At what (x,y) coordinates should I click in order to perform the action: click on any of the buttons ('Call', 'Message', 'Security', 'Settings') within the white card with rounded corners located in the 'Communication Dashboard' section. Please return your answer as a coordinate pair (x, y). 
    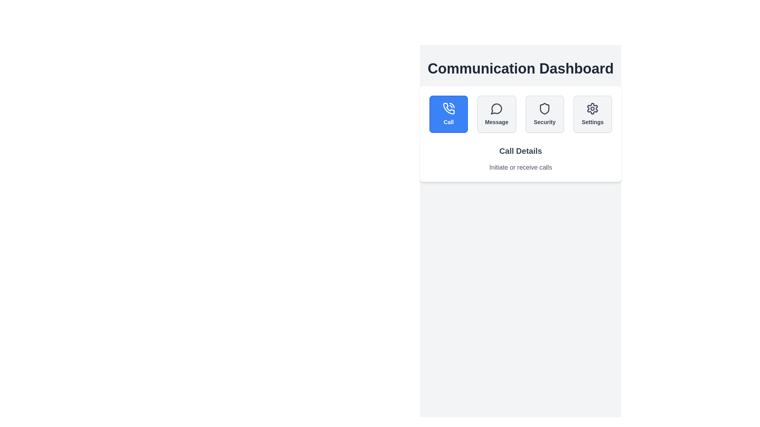
    Looking at the image, I should click on (521, 134).